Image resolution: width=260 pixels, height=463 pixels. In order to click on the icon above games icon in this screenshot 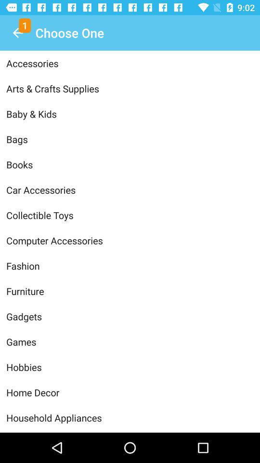, I will do `click(130, 316)`.